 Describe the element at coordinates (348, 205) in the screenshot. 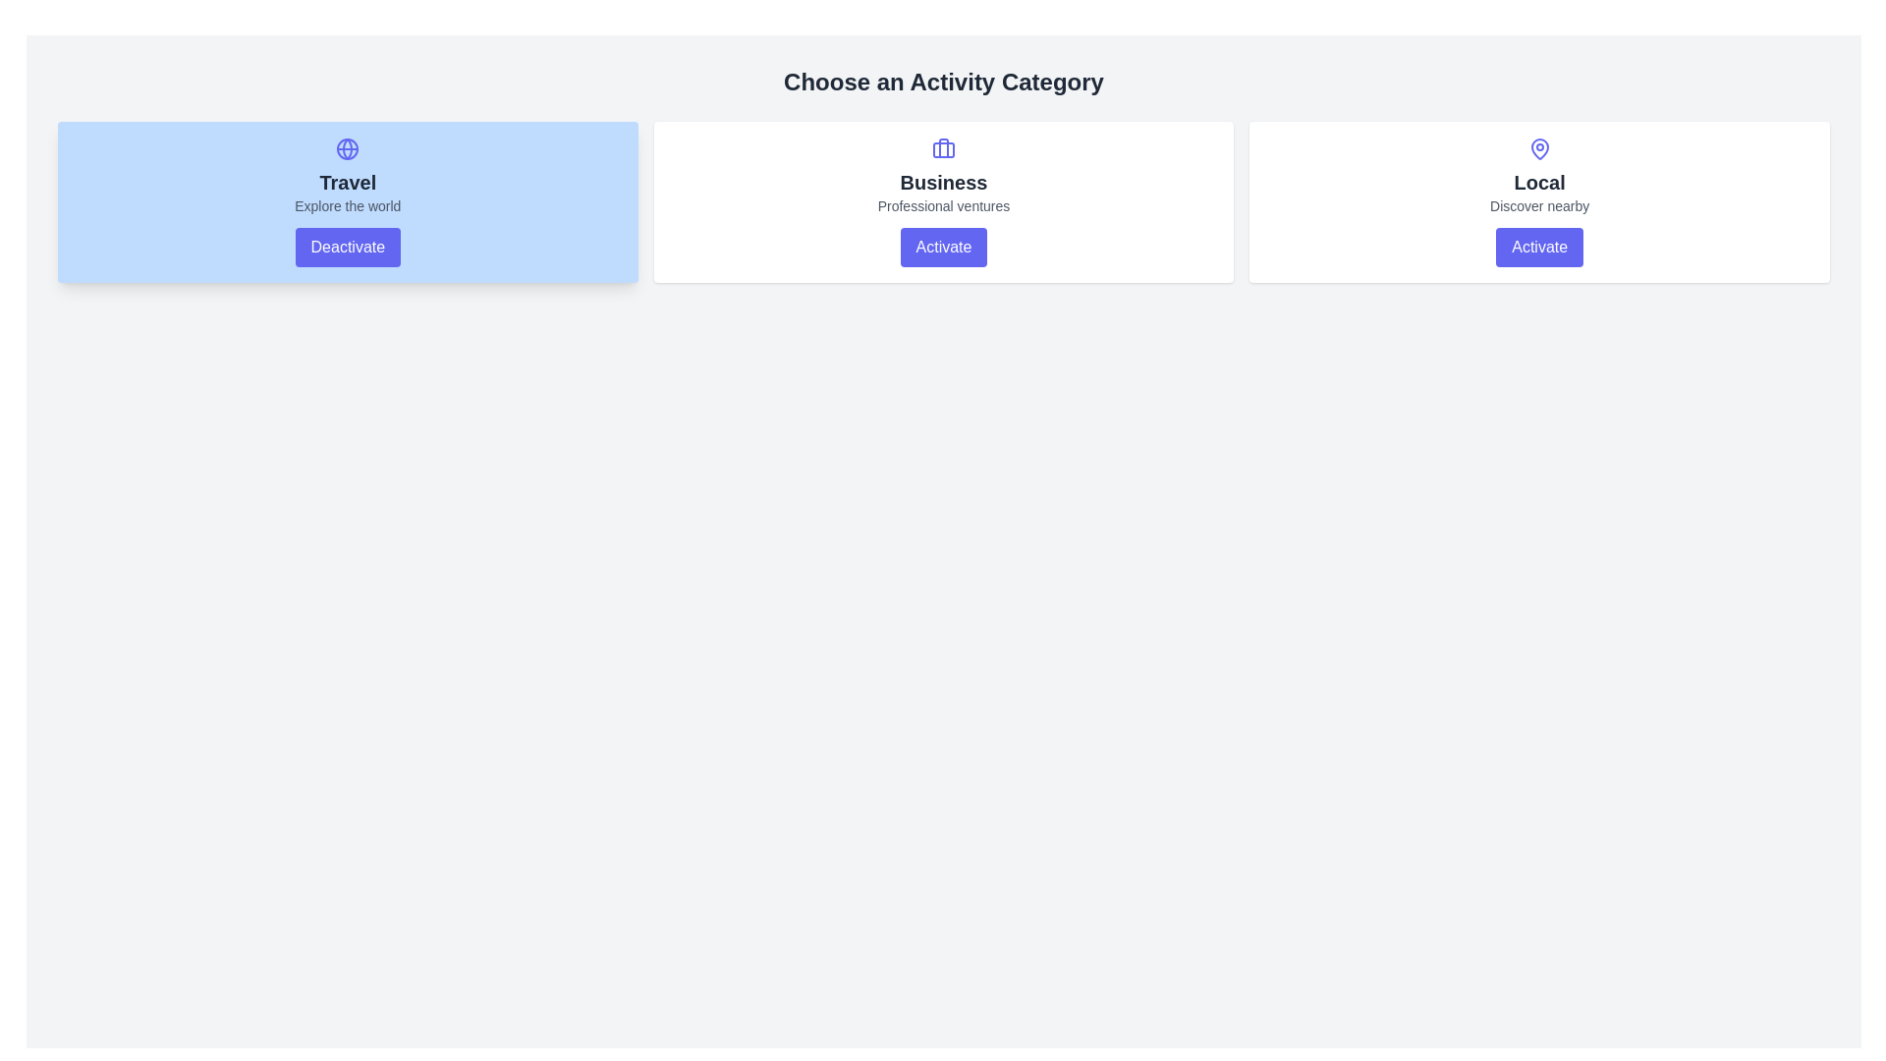

I see `the text label that reads 'Explore the world', which is styled in a small font size and light gray color, located beneath the 'Travel' text and above the 'Deactivate' button in a light blue card interface` at that location.